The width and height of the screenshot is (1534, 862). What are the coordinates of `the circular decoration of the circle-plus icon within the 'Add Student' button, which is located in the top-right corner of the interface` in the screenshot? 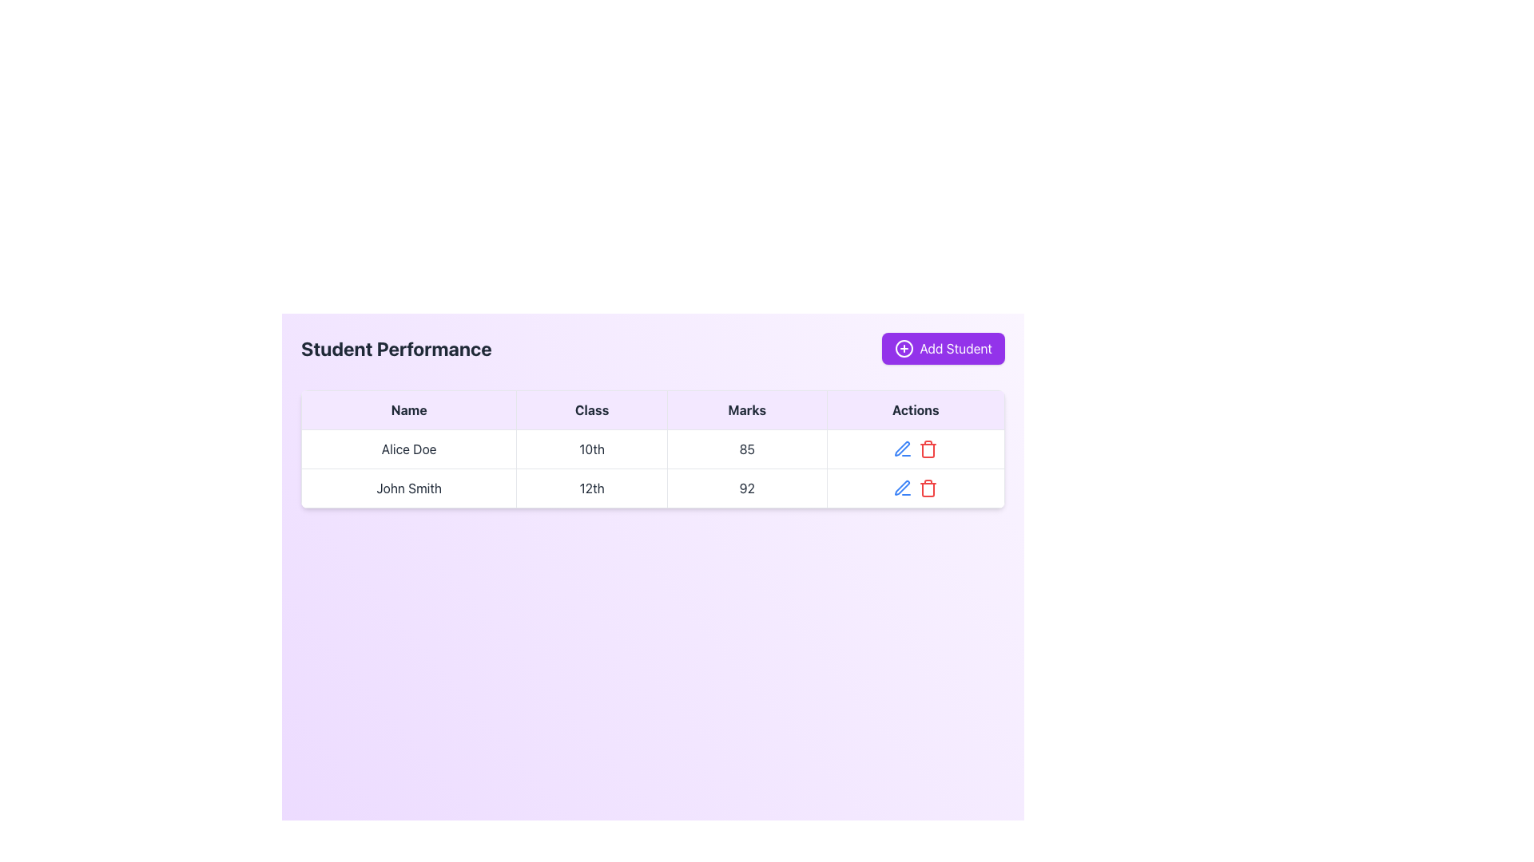 It's located at (904, 347).